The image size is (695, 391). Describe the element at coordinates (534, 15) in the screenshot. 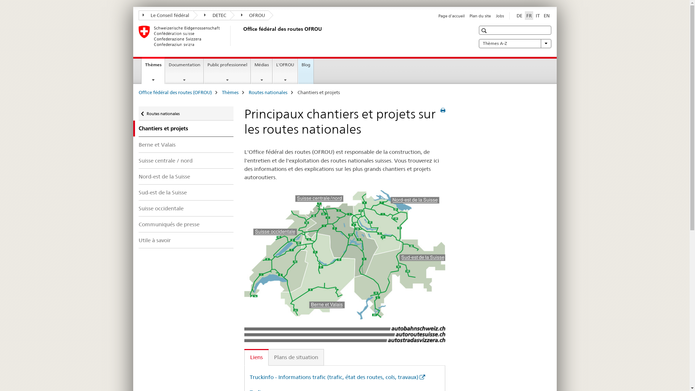

I see `'IT'` at that location.